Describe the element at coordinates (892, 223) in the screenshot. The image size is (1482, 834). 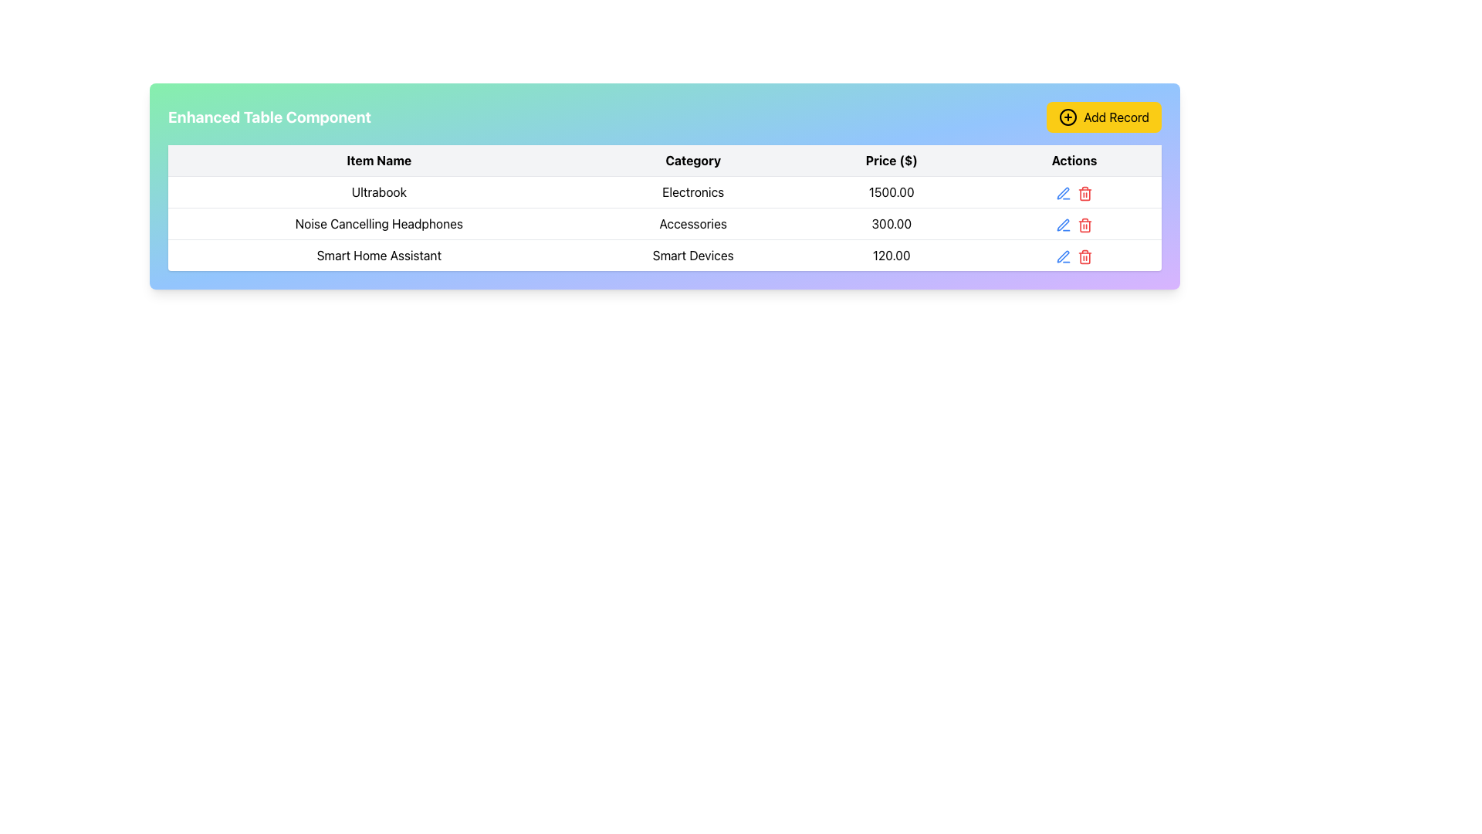
I see `the text element displaying the value '300.00' in the 'Price ($)' column of the tabular interface, which corresponds to the item 'Noise Cancelling Headphones'` at that location.